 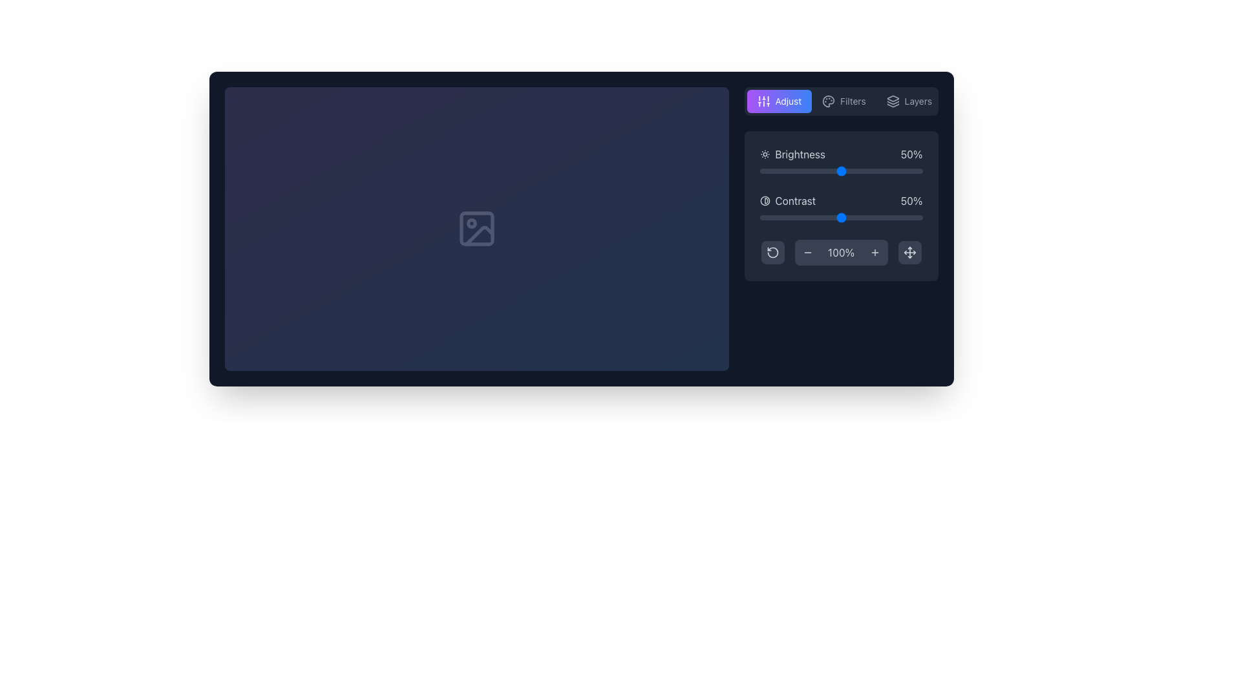 What do you see at coordinates (841, 206) in the screenshot?
I see `the interactive buttons in the control panel for adjusting brightness and contrast` at bounding box center [841, 206].